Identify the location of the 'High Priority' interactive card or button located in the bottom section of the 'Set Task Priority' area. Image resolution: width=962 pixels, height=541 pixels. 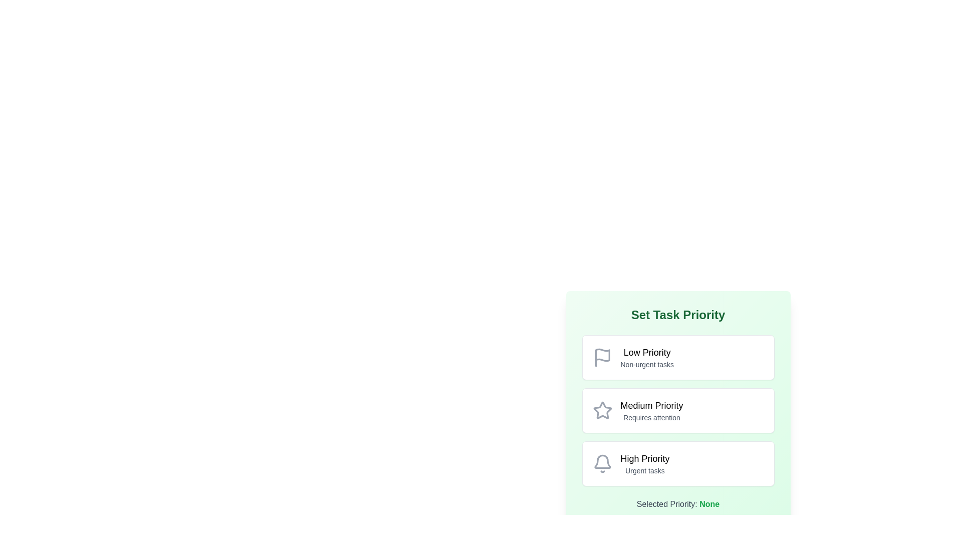
(678, 463).